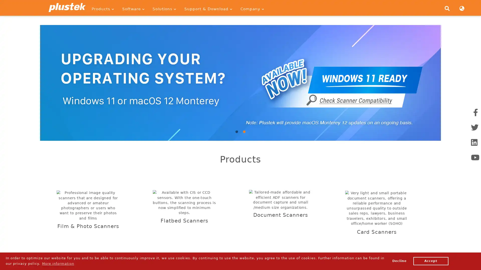  What do you see at coordinates (399, 261) in the screenshot?
I see `deny cookies` at bounding box center [399, 261].